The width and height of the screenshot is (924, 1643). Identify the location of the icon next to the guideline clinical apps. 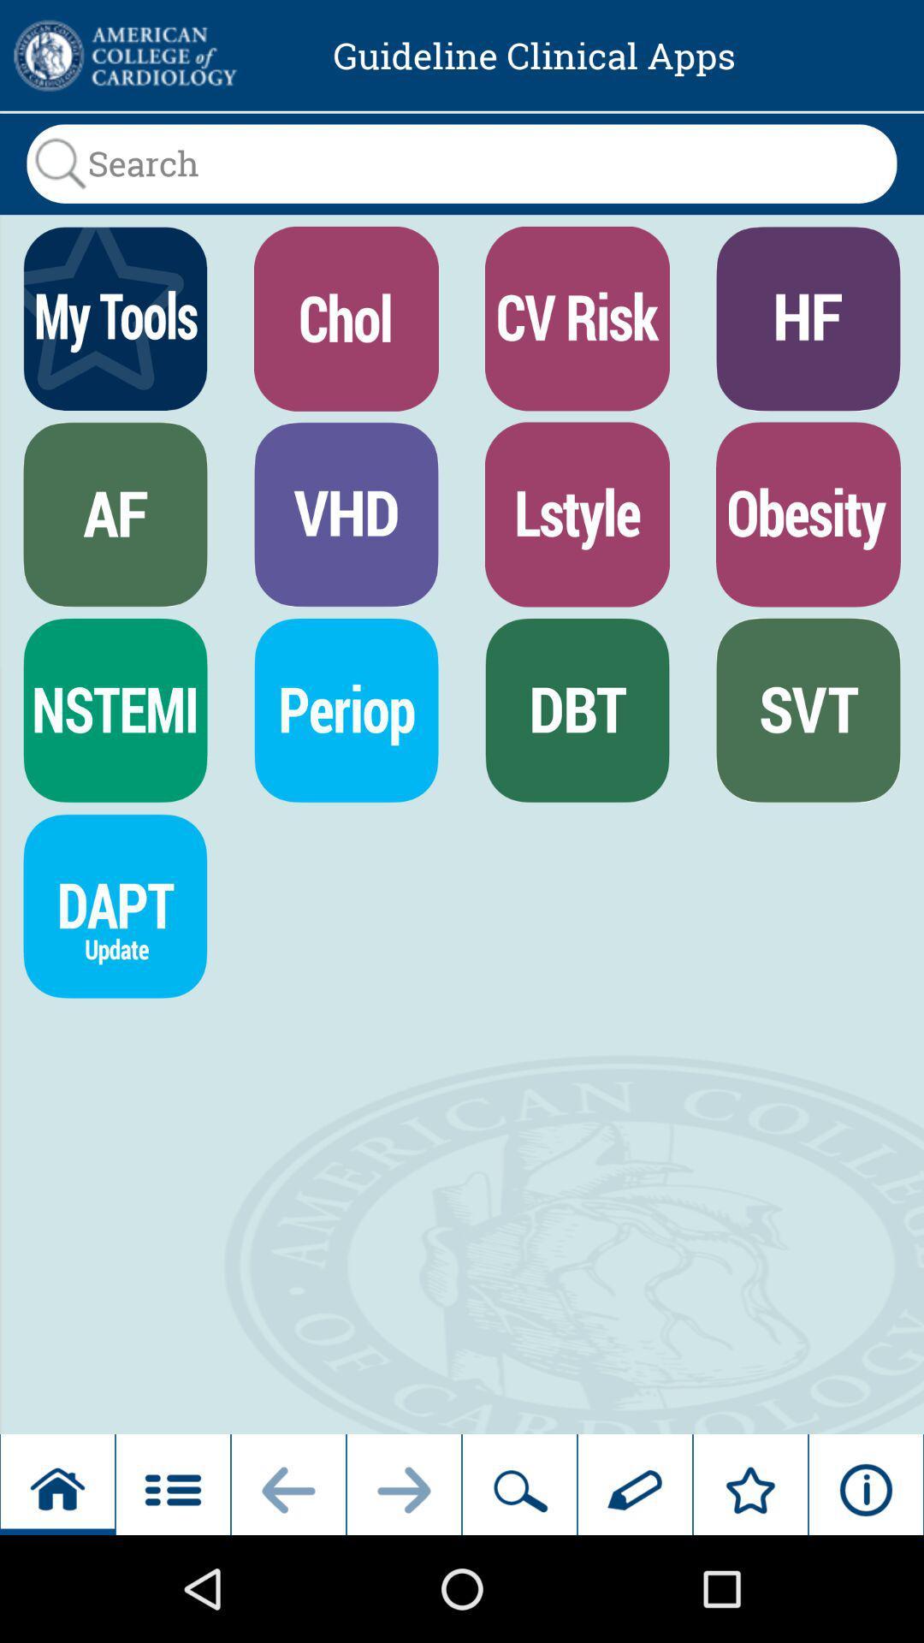
(123, 56).